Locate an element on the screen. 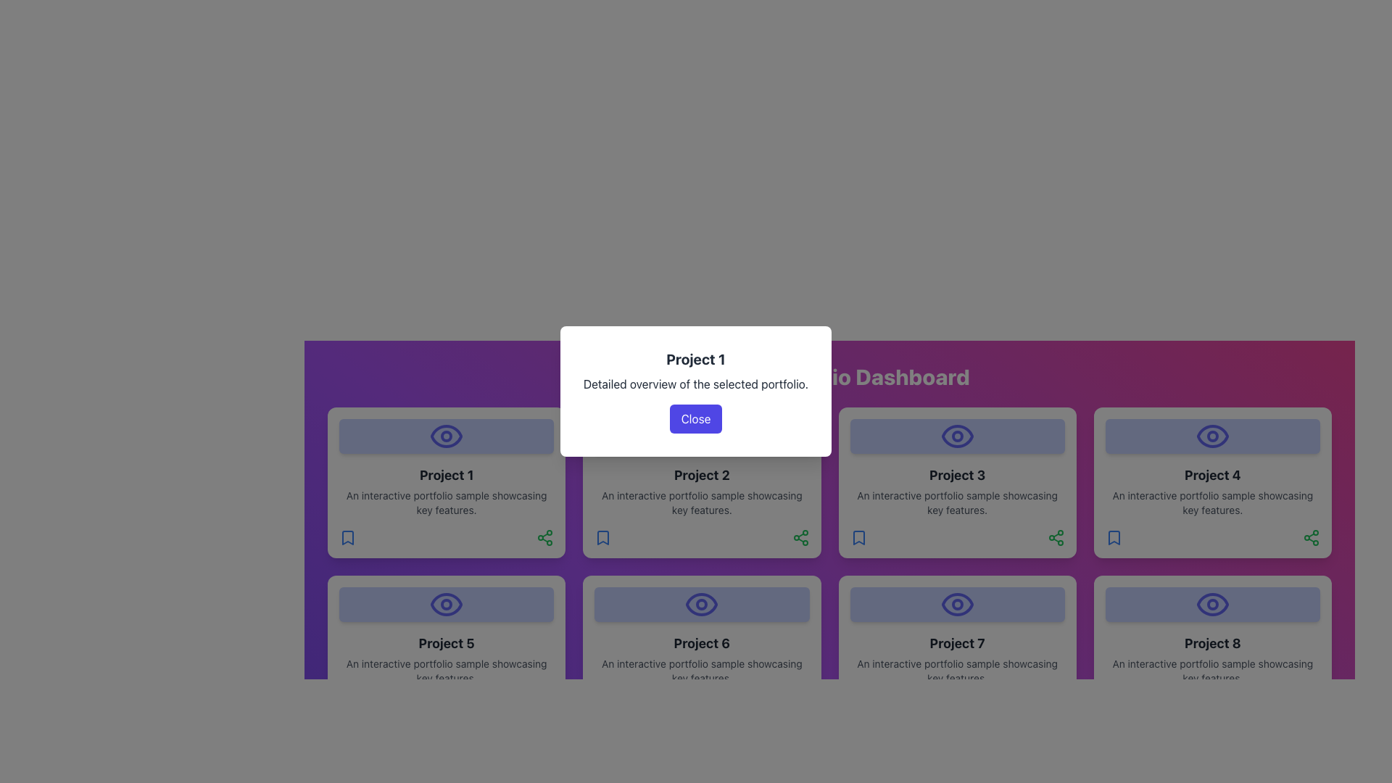  the bookmark button located at the bottom left corner of the 'Project 2' card to bookmark or unbookmark the project is located at coordinates (603, 537).